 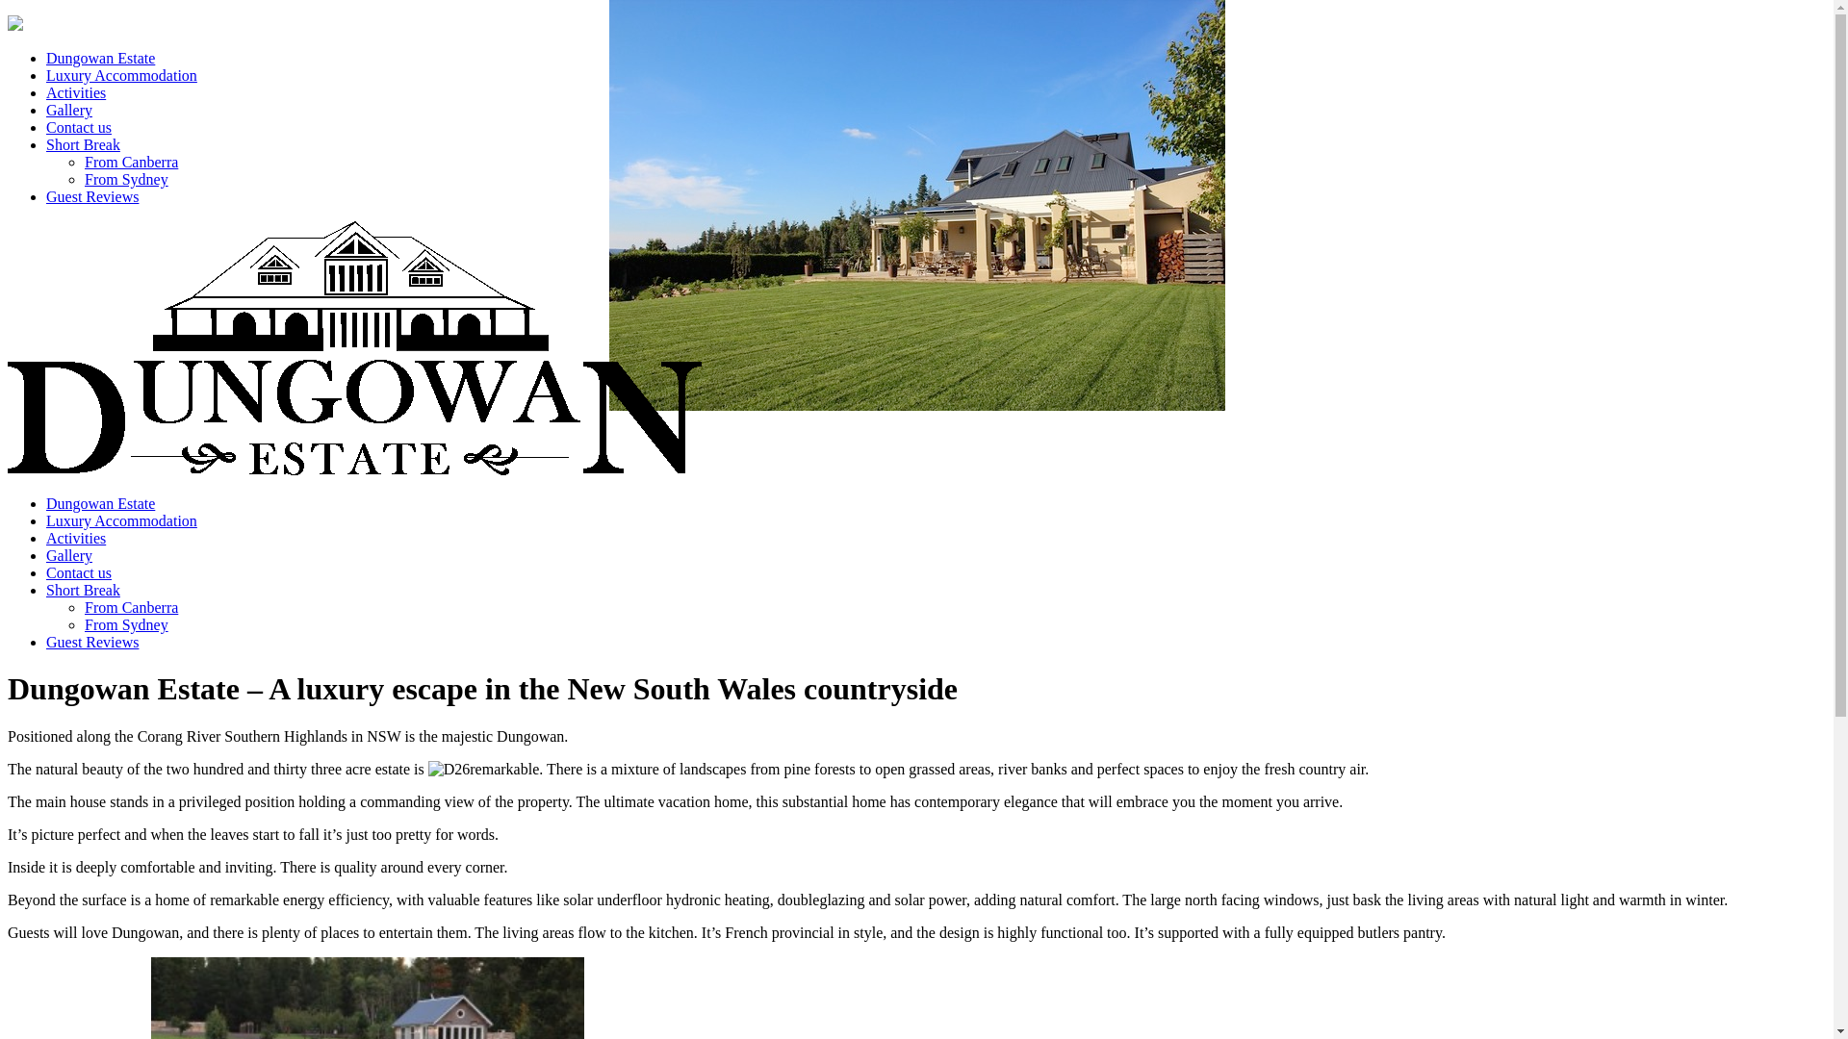 I want to click on 'Dungowan Estate', so click(x=99, y=57).